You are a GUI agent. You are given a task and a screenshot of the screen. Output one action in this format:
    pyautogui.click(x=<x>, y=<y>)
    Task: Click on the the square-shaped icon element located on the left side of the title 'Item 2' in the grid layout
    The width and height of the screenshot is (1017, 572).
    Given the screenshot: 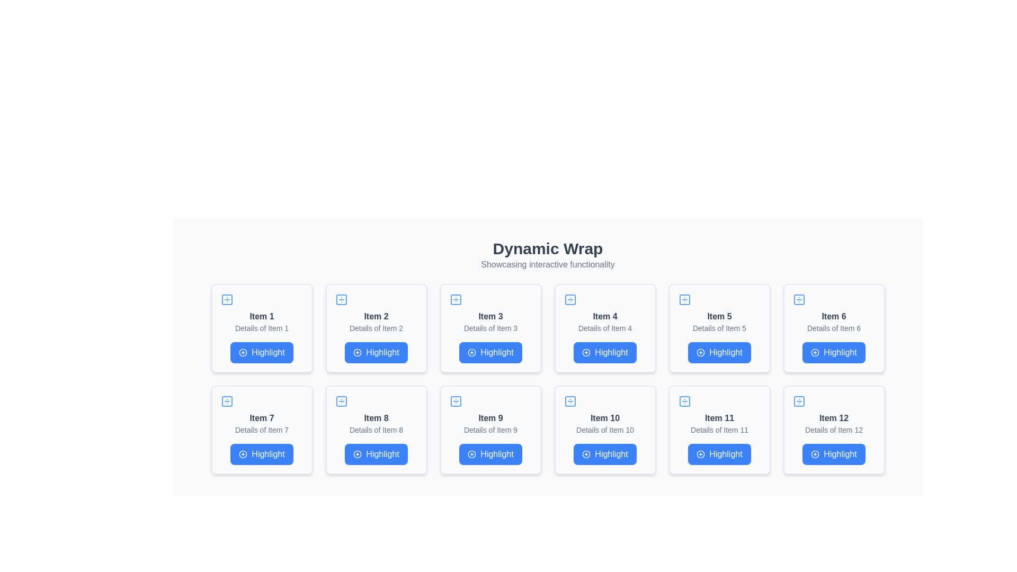 What is the action you would take?
    pyautogui.click(x=341, y=300)
    